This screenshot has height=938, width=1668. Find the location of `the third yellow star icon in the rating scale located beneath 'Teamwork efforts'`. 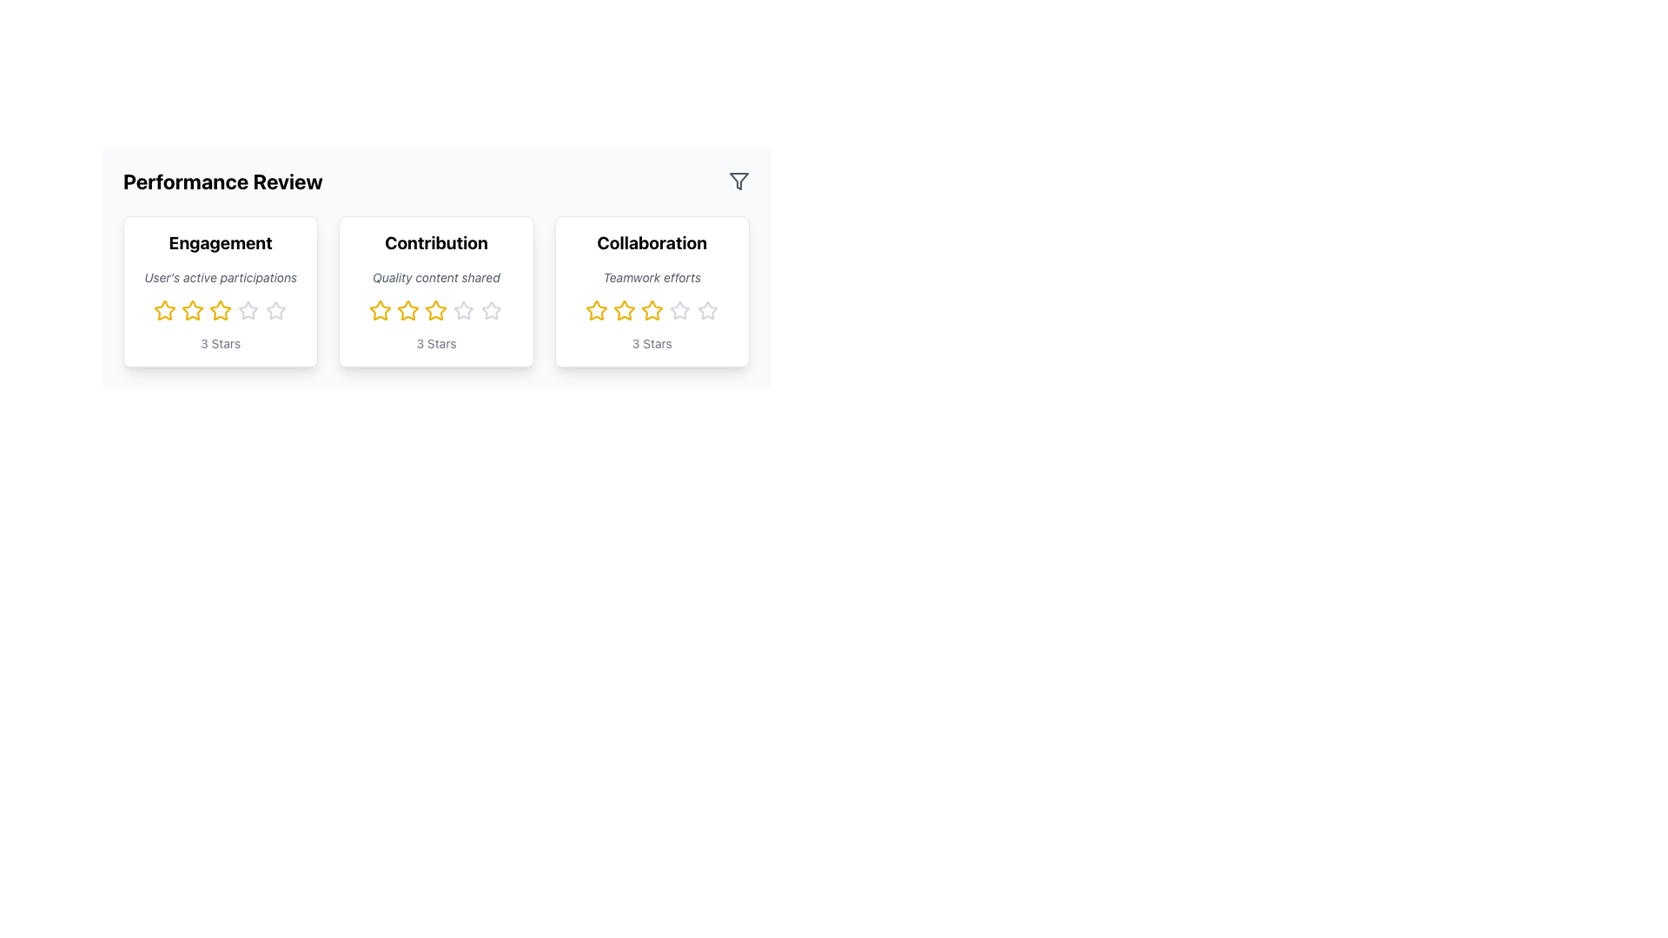

the third yellow star icon in the rating scale located beneath 'Teamwork efforts' is located at coordinates (624, 310).